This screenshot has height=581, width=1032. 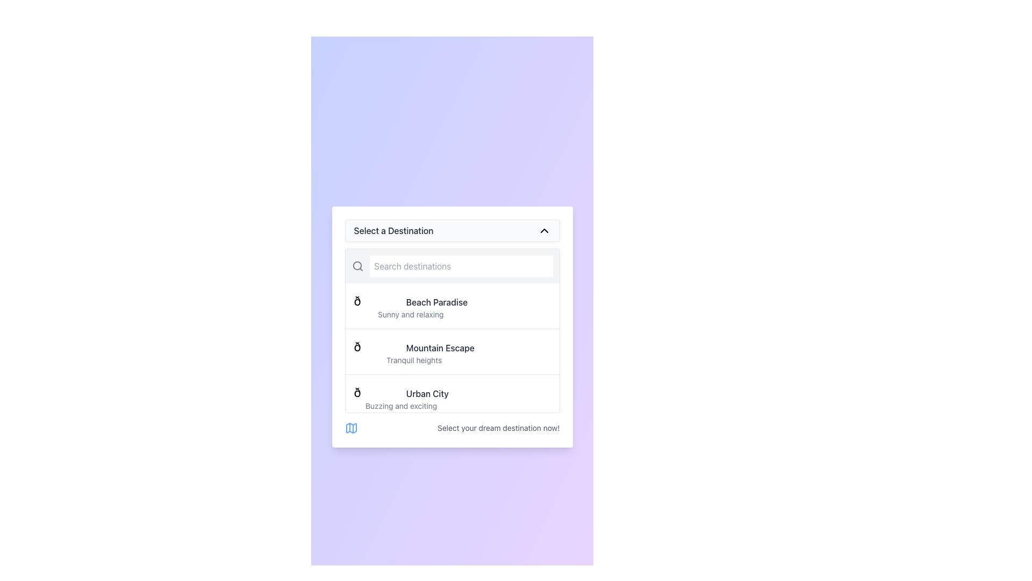 What do you see at coordinates (440, 348) in the screenshot?
I see `the 'Mountain Escape' text label` at bounding box center [440, 348].